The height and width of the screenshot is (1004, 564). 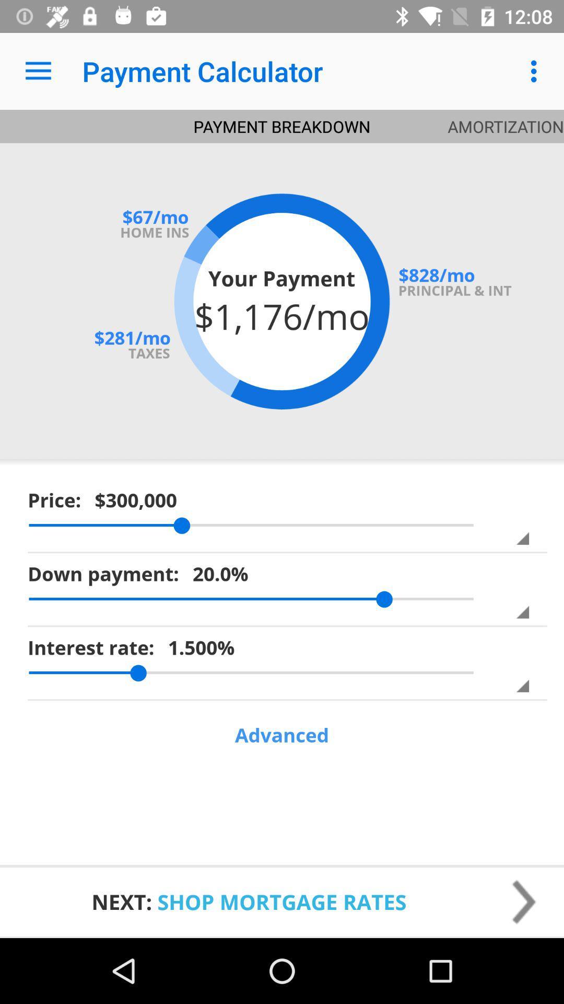 What do you see at coordinates (282, 734) in the screenshot?
I see `advanced item` at bounding box center [282, 734].